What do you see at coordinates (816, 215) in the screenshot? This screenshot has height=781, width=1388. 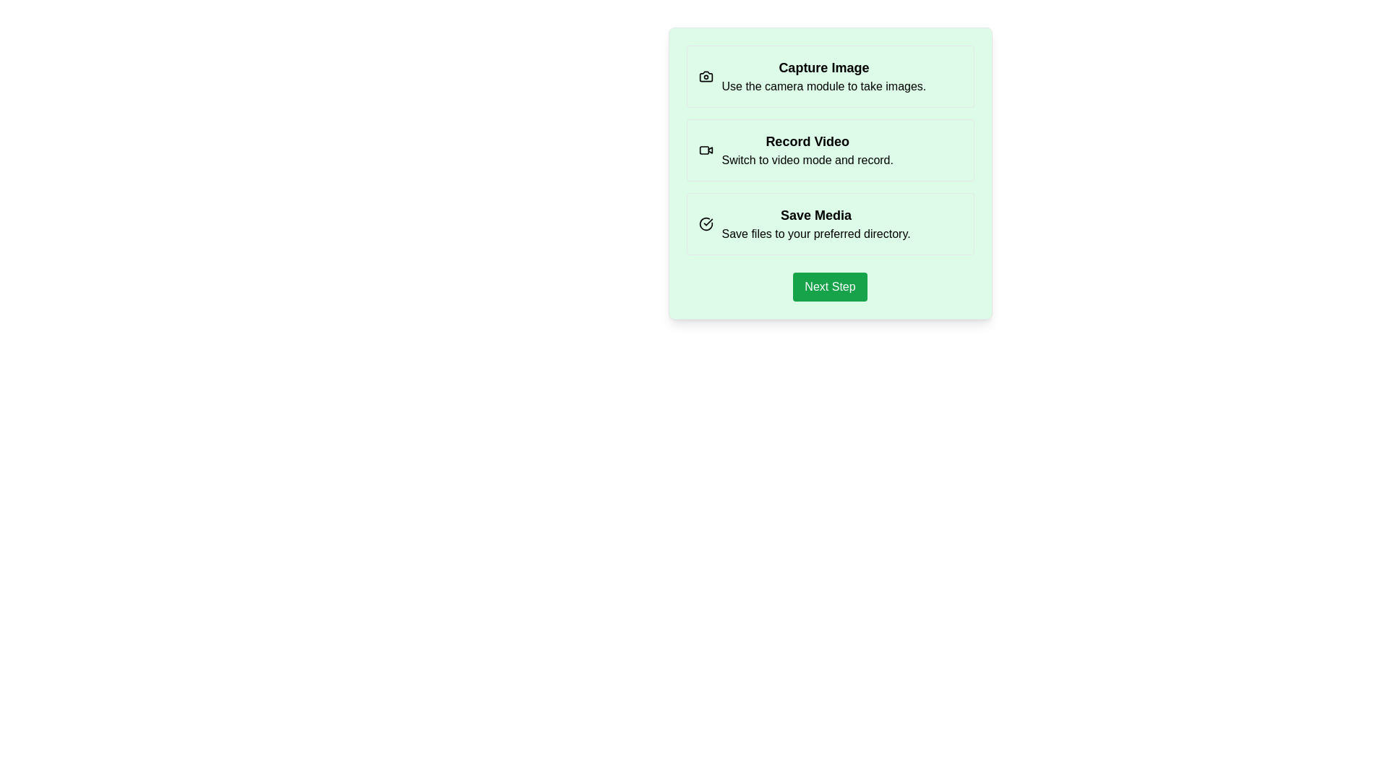 I see `the 'Save Media' text label which is displayed in bold and large text format with a light green background, located at the bottom of the panel among other options` at bounding box center [816, 215].